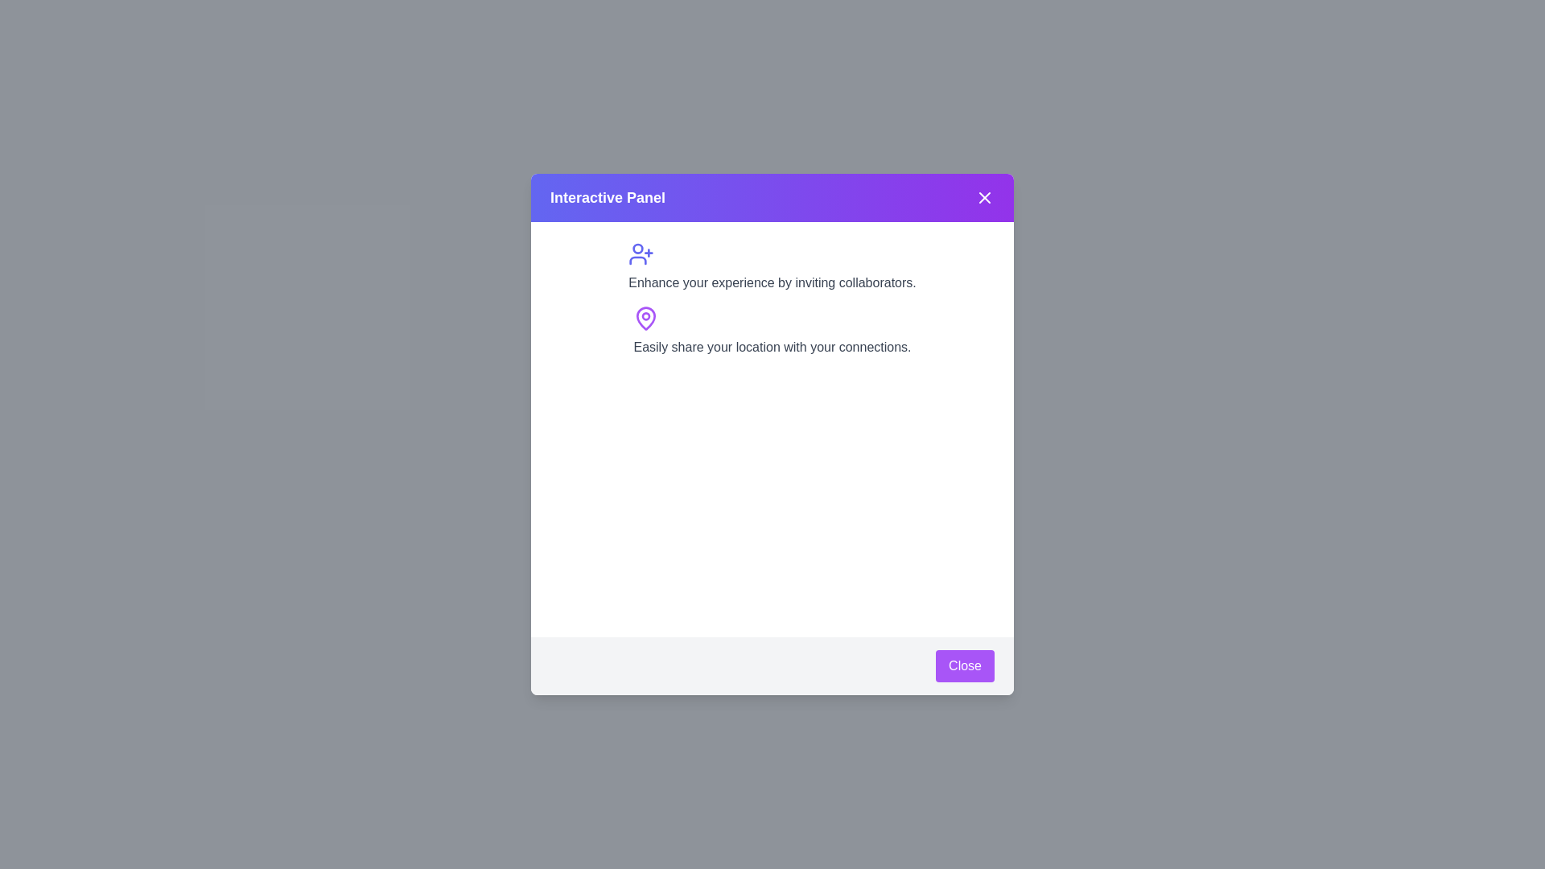 The height and width of the screenshot is (869, 1545). I want to click on the text block that reads 'Easily share your location with your connections.' which is accompanied by a purple map pin icon, located below the title text 'Enhance your experience by inviting collaborators.', so click(772, 331).